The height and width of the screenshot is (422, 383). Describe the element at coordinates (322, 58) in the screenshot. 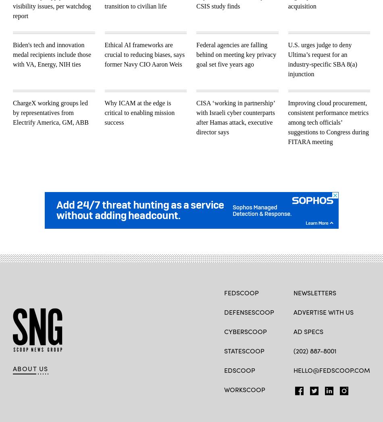

I see `'U.S. urges judge to deny Ultima’s request for an industry-specific SBA 8(a) injunction'` at that location.